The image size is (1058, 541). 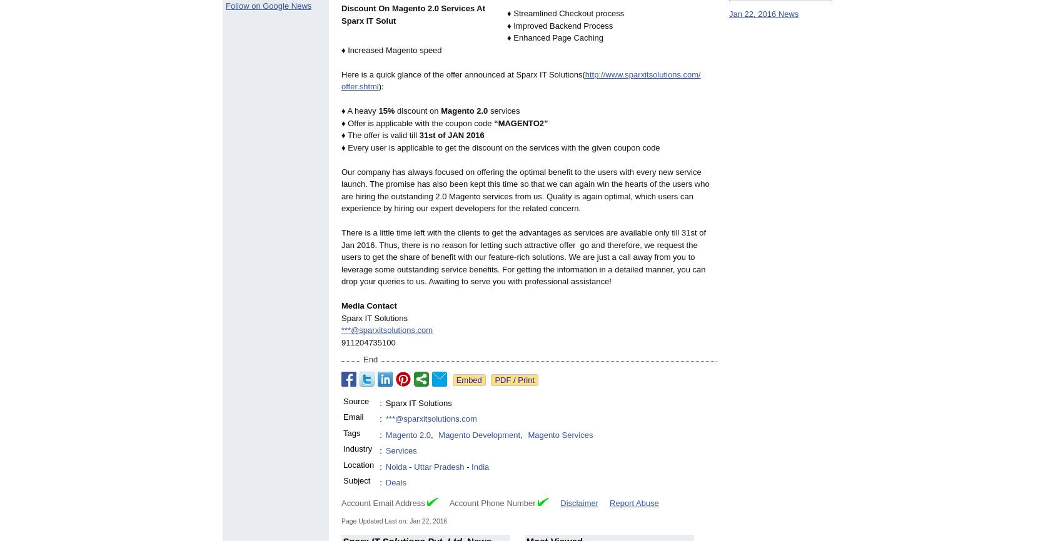 I want to click on 'End', so click(x=370, y=359).